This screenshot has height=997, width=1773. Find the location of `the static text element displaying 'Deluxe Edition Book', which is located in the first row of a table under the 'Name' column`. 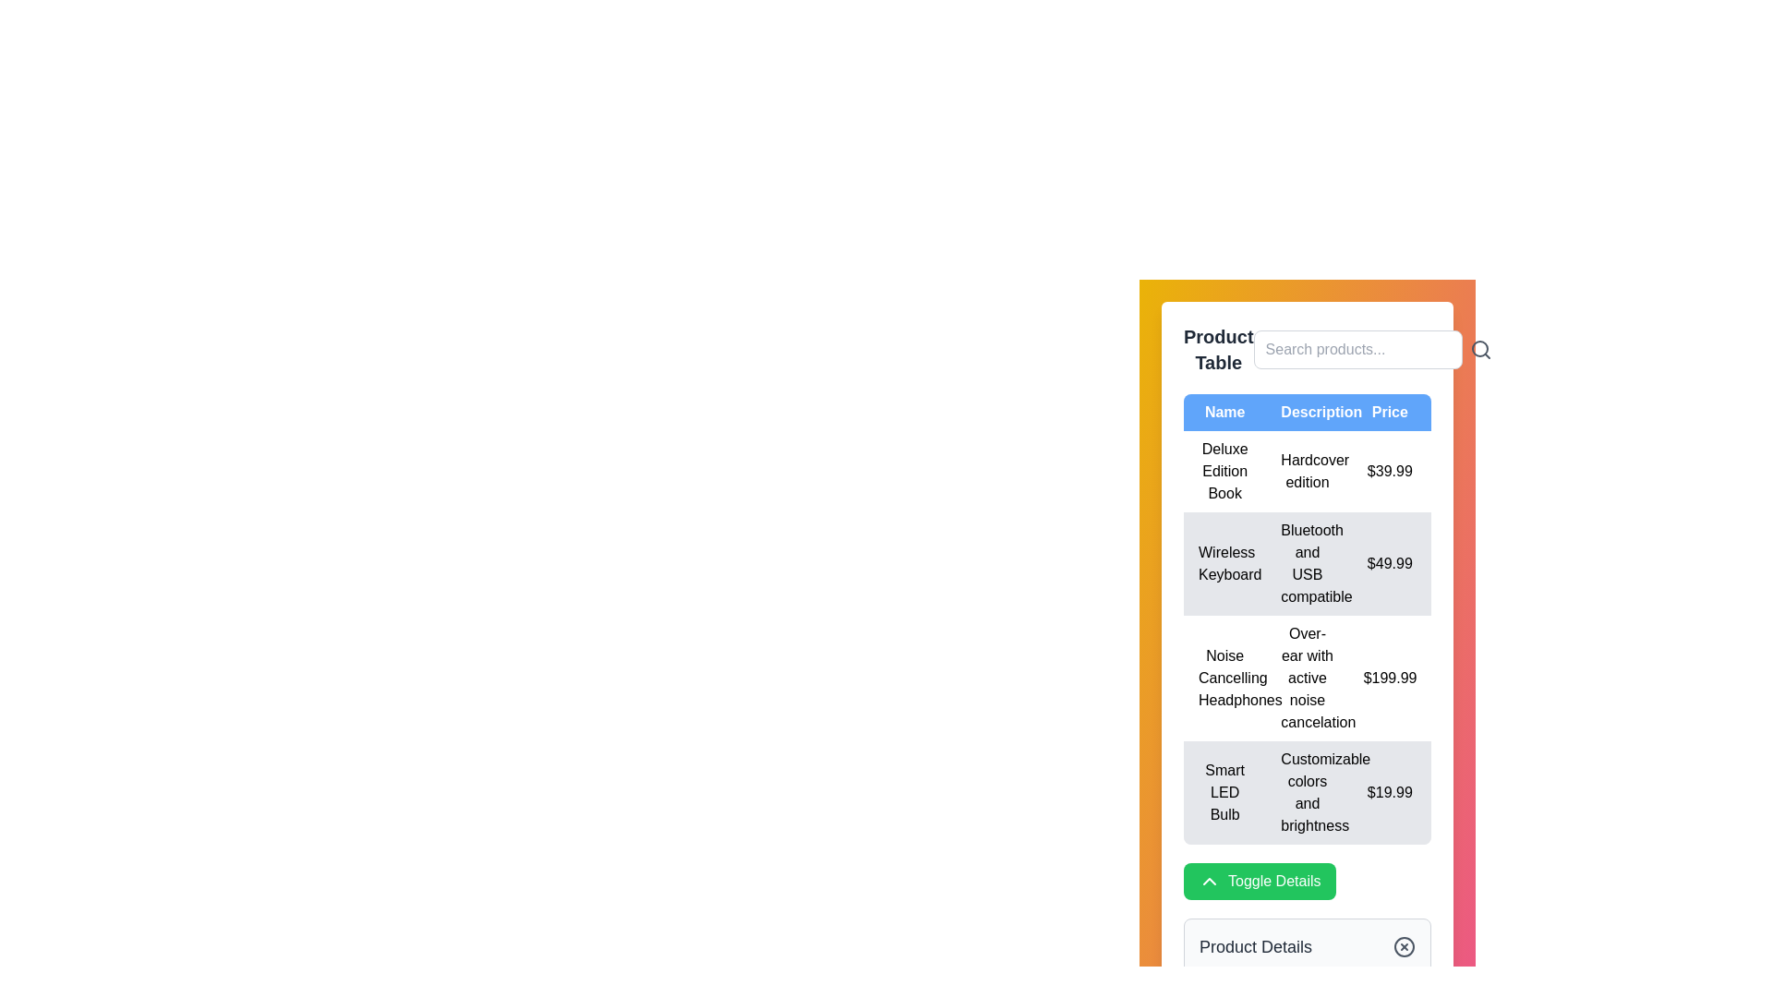

the static text element displaying 'Deluxe Edition Book', which is located in the first row of a table under the 'Name' column is located at coordinates (1224, 470).